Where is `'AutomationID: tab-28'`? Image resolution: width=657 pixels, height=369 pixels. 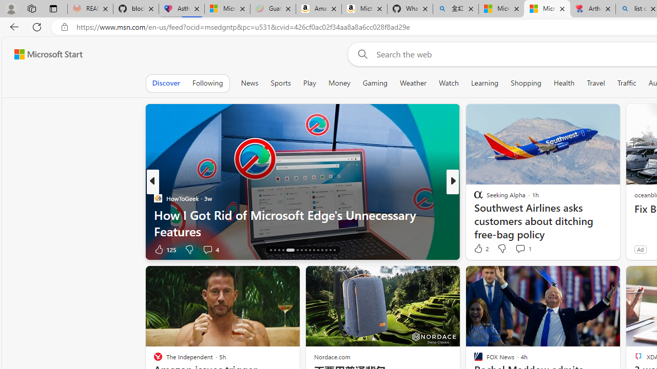
'AutomationID: tab-28' is located at coordinates (325, 250).